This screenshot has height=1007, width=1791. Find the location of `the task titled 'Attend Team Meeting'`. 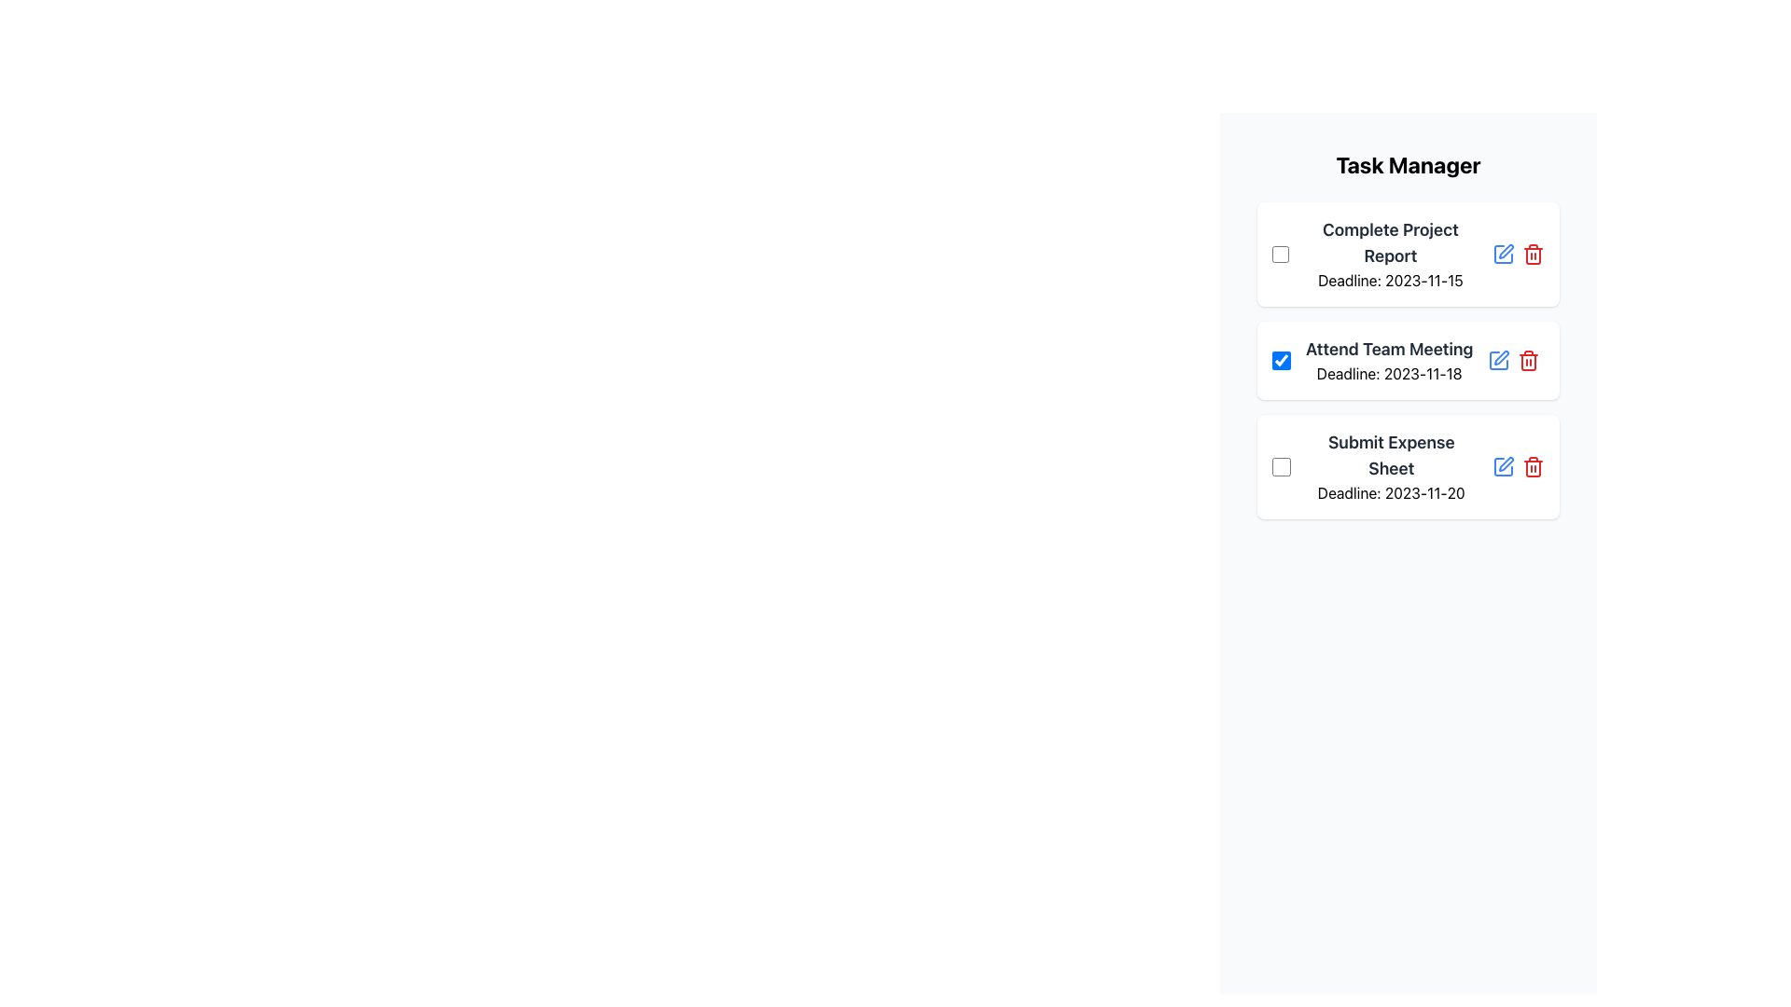

the task titled 'Attend Team Meeting' is located at coordinates (1409, 360).